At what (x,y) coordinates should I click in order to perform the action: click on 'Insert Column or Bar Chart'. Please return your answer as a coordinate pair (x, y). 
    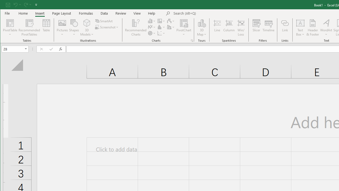
    Looking at the image, I should click on (151, 21).